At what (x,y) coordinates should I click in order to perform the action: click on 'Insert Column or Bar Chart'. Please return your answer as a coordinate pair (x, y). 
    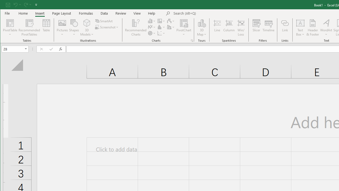
    Looking at the image, I should click on (151, 21).